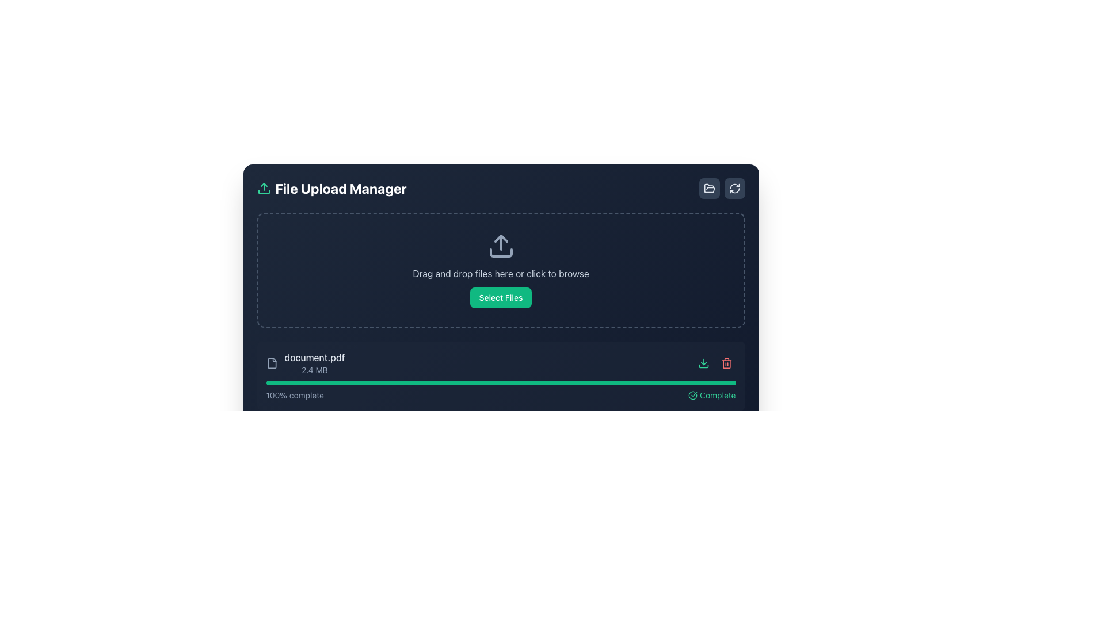 The image size is (1105, 621). Describe the element at coordinates (734, 187) in the screenshot. I see `the refresh button with SVG icon located in the top-right corner of the interface` at that location.